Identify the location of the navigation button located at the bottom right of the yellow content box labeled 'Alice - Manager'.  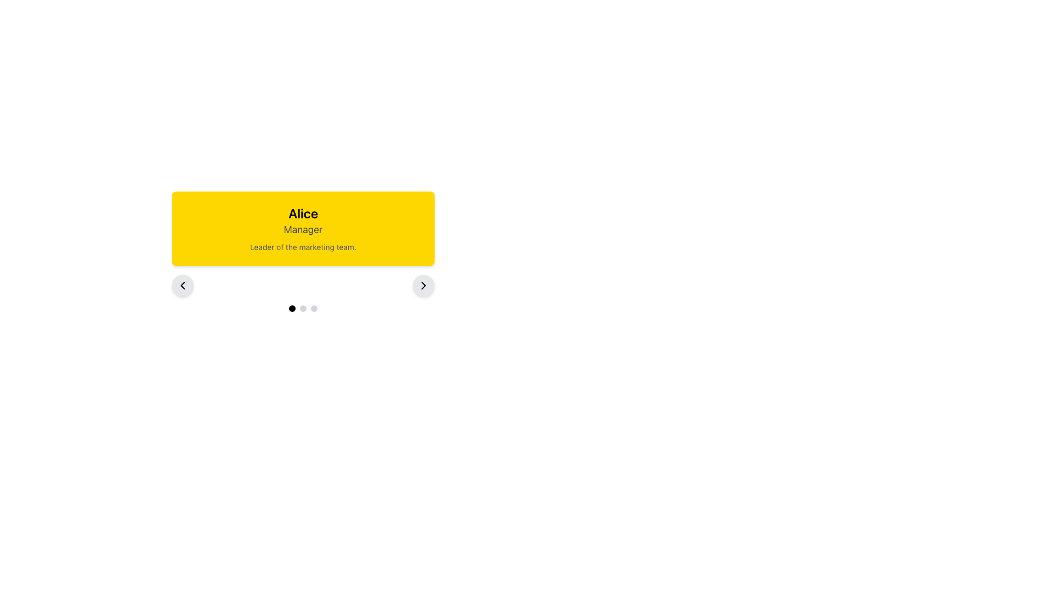
(423, 285).